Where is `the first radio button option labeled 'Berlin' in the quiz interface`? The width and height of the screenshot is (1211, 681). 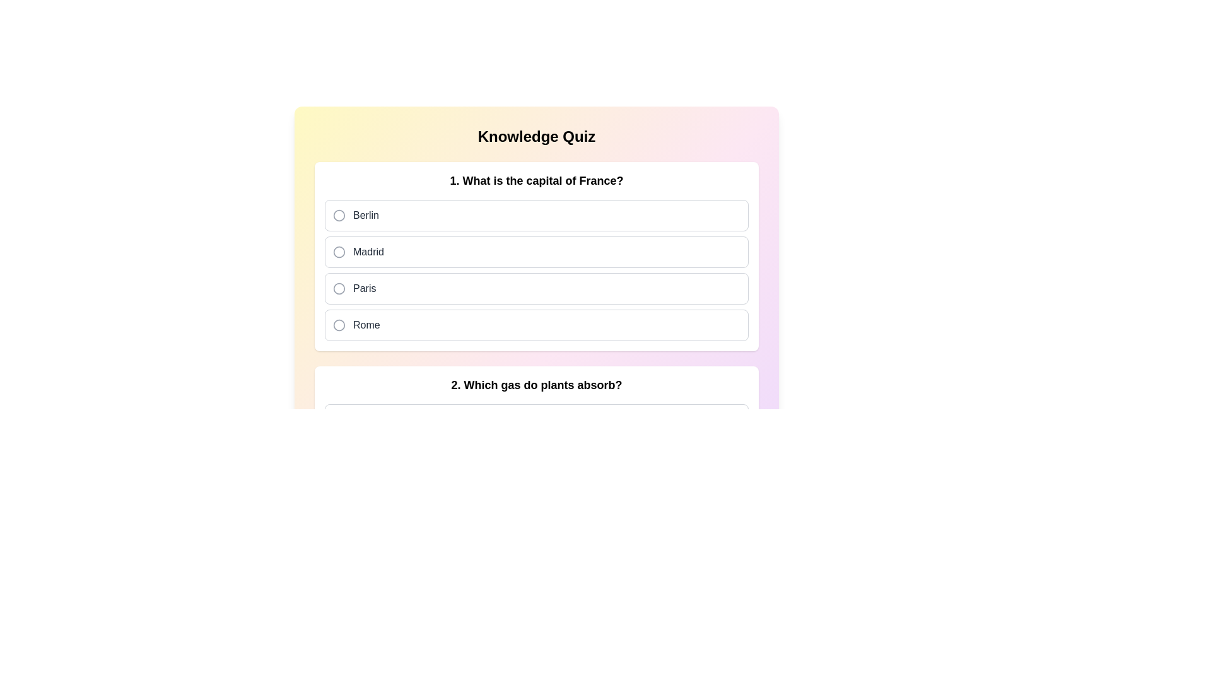
the first radio button option labeled 'Berlin' in the quiz interface is located at coordinates (536, 215).